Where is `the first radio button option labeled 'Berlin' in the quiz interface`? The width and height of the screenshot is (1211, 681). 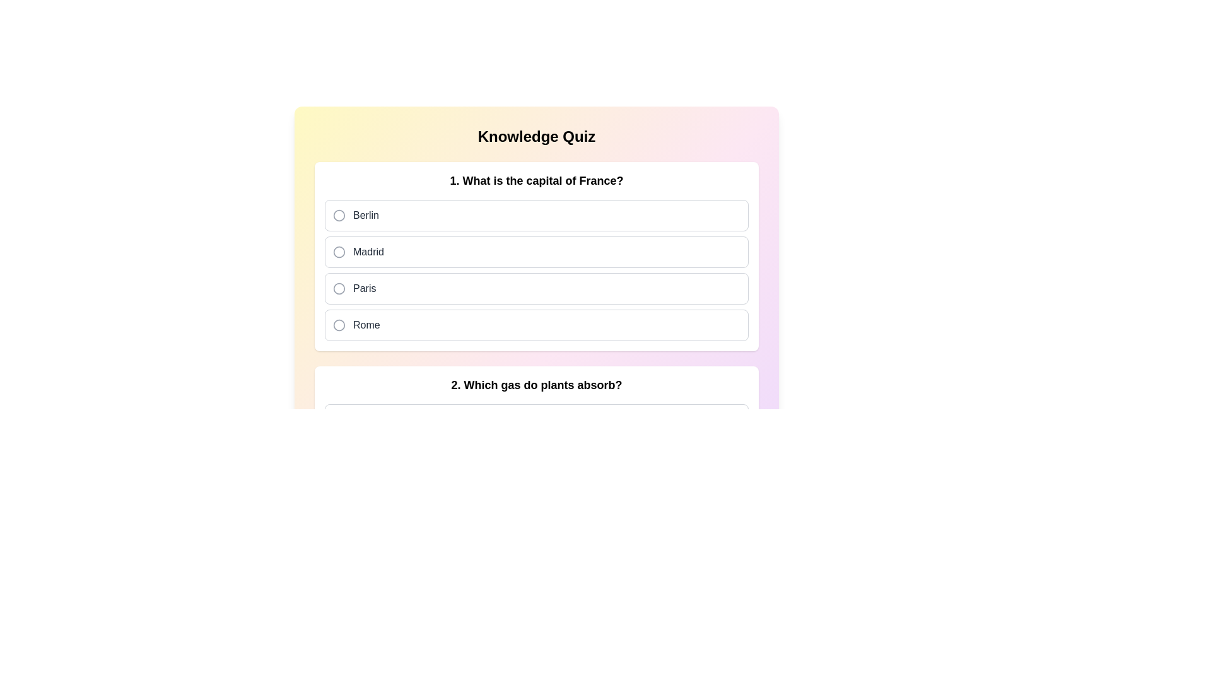
the first radio button option labeled 'Berlin' in the quiz interface is located at coordinates (536, 215).